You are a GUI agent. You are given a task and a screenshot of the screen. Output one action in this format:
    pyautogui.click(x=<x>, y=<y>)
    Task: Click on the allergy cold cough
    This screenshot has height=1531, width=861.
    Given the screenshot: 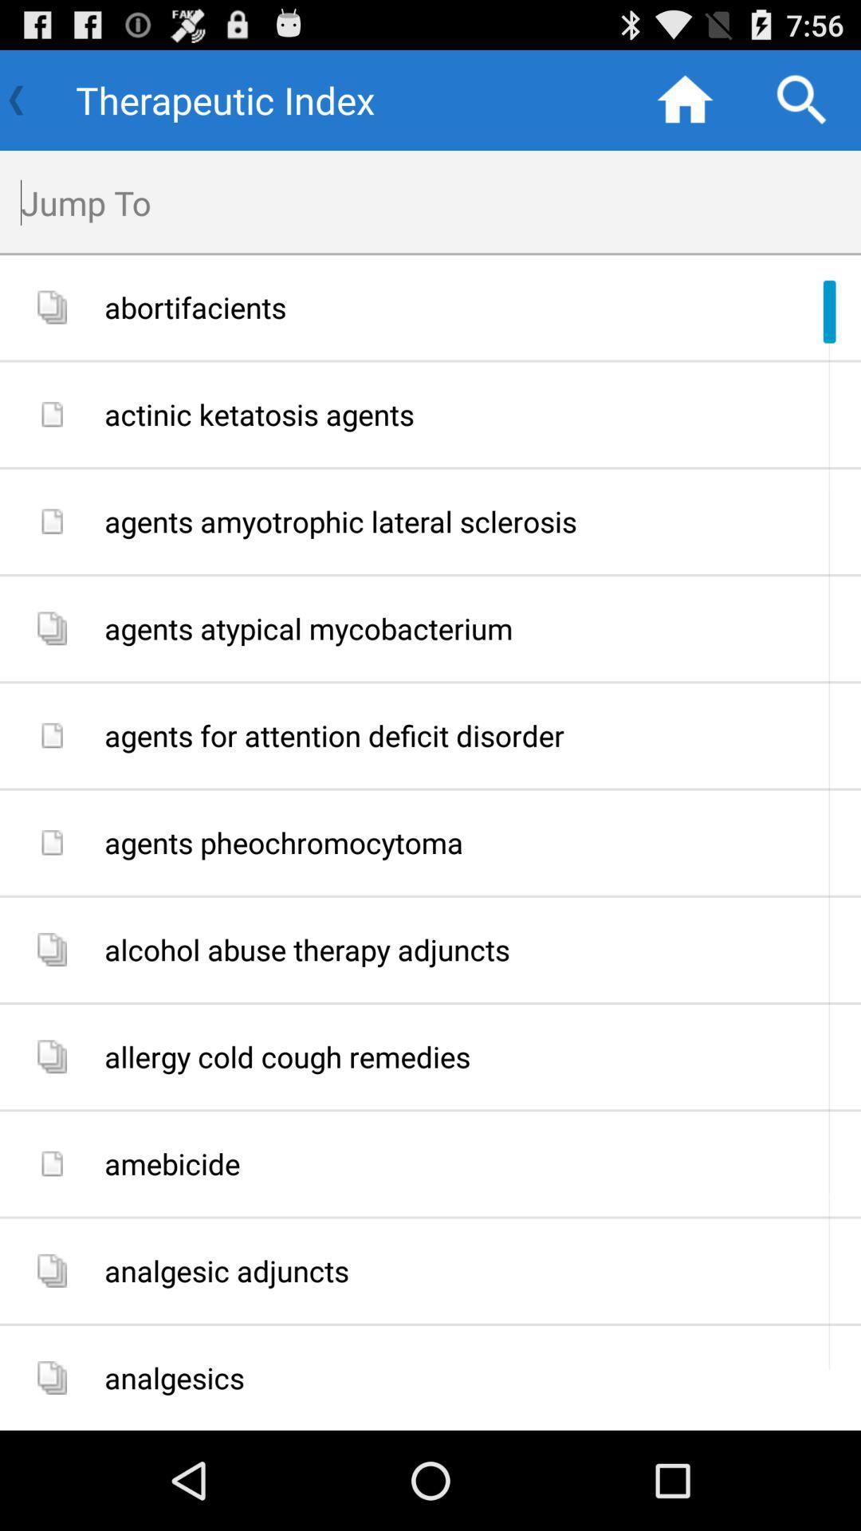 What is the action you would take?
    pyautogui.click(x=476, y=1057)
    